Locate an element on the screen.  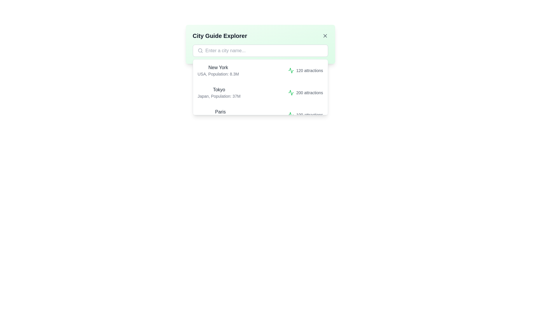
number of attractions displayed in the text label '120 attractions' next to the green icon in the list item for 'New York' is located at coordinates (305, 70).